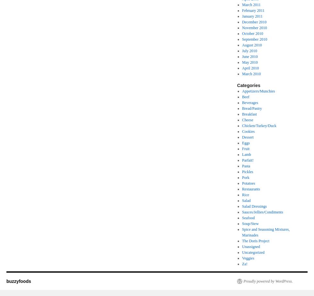 The width and height of the screenshot is (314, 296). I want to click on 'Rice', so click(245, 195).